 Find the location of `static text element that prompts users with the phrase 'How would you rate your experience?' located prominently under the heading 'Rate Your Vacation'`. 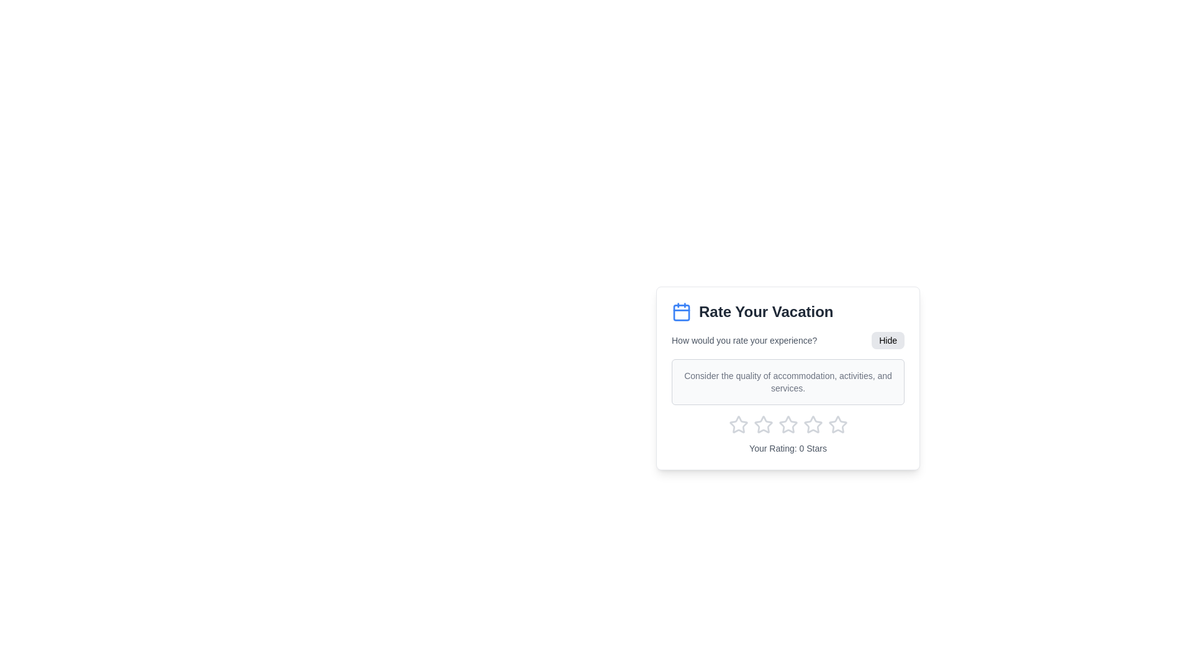

static text element that prompts users with the phrase 'How would you rate your experience?' located prominently under the heading 'Rate Your Vacation' is located at coordinates (744, 340).